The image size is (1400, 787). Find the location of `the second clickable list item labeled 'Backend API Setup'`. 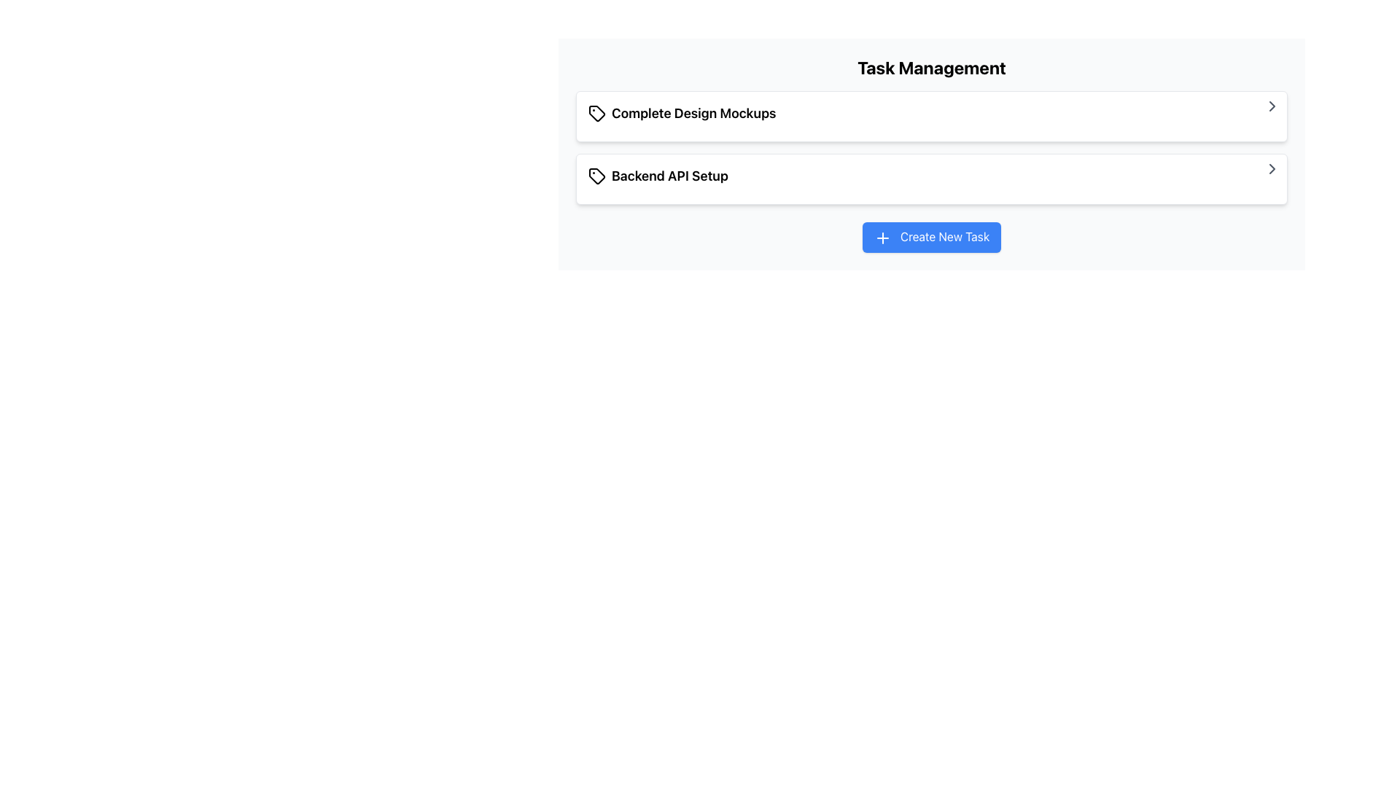

the second clickable list item labeled 'Backend API Setup' is located at coordinates (930, 179).